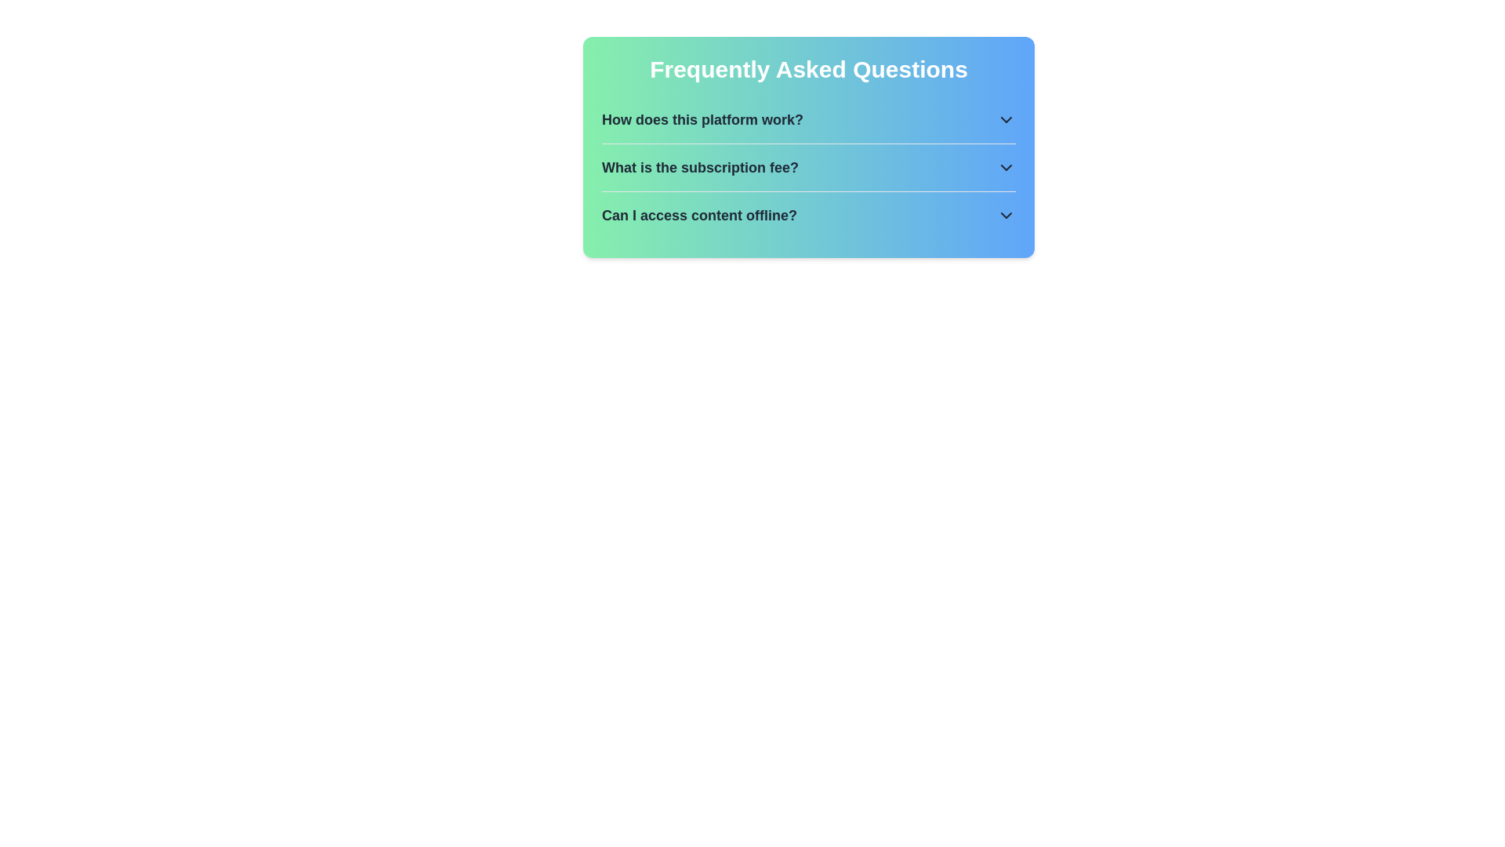  Describe the element at coordinates (1006, 167) in the screenshot. I see `the chevron icon that indicates the toggle for the question 'What is the subscription fee?'` at that location.